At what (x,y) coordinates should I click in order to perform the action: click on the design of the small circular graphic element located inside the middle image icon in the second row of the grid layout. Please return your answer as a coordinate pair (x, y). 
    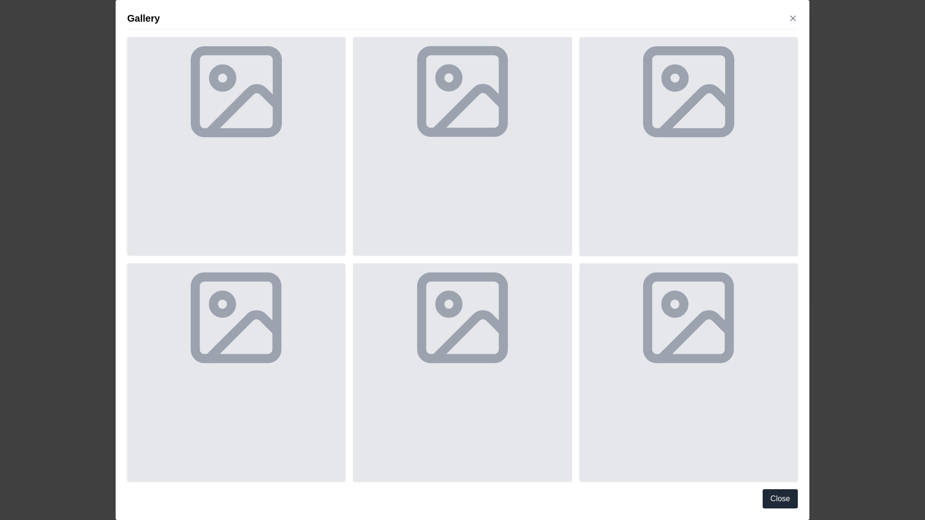
    Looking at the image, I should click on (448, 304).